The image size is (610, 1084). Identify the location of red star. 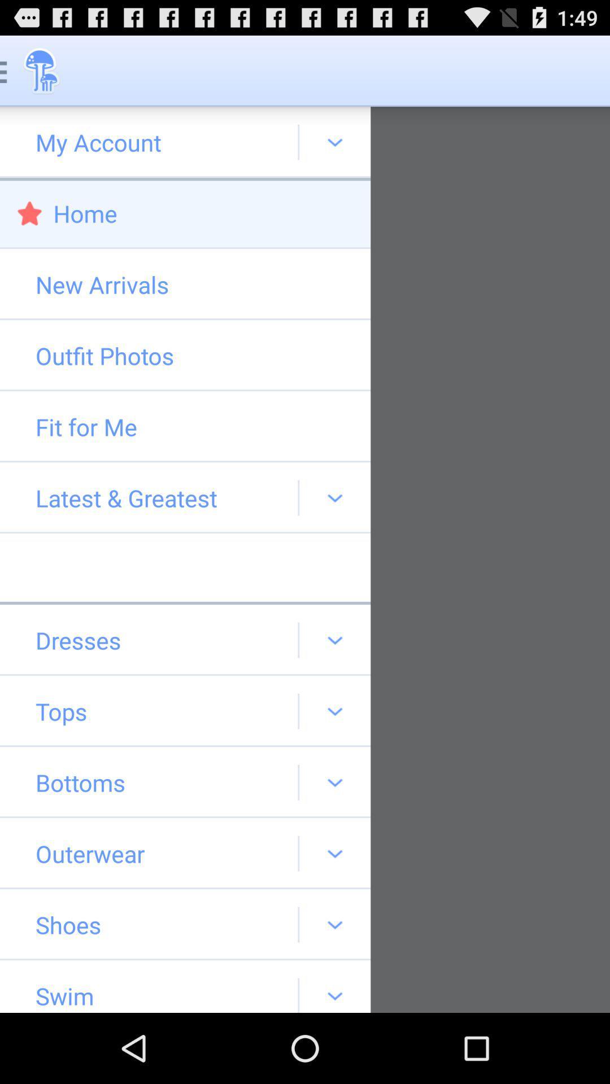
(29, 213).